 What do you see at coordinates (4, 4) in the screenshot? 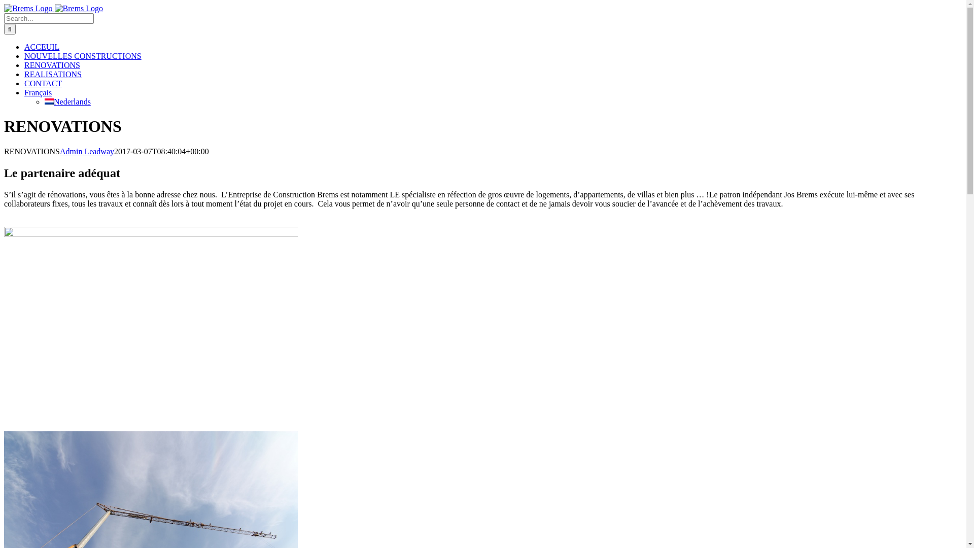
I see `'Skip to content'` at bounding box center [4, 4].